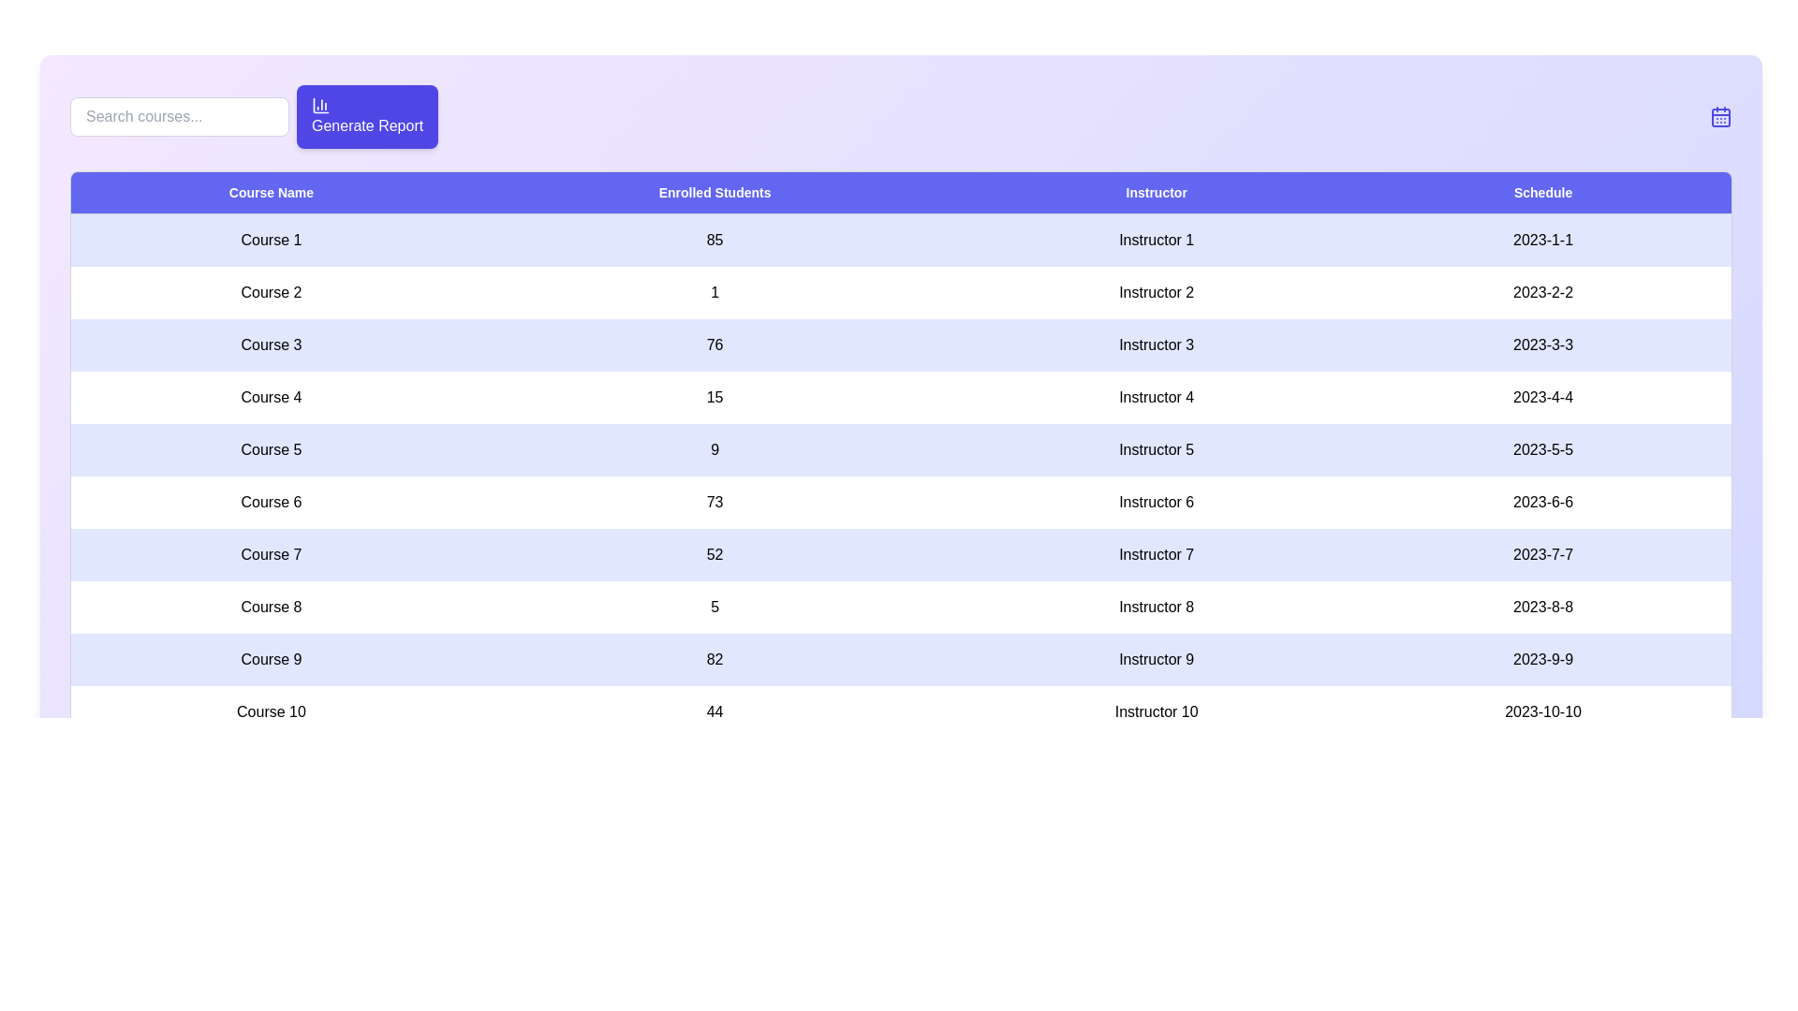 Image resolution: width=1798 pixels, height=1011 pixels. Describe the element at coordinates (1543, 193) in the screenshot. I see `the header Schedule to sort or filter the table` at that location.